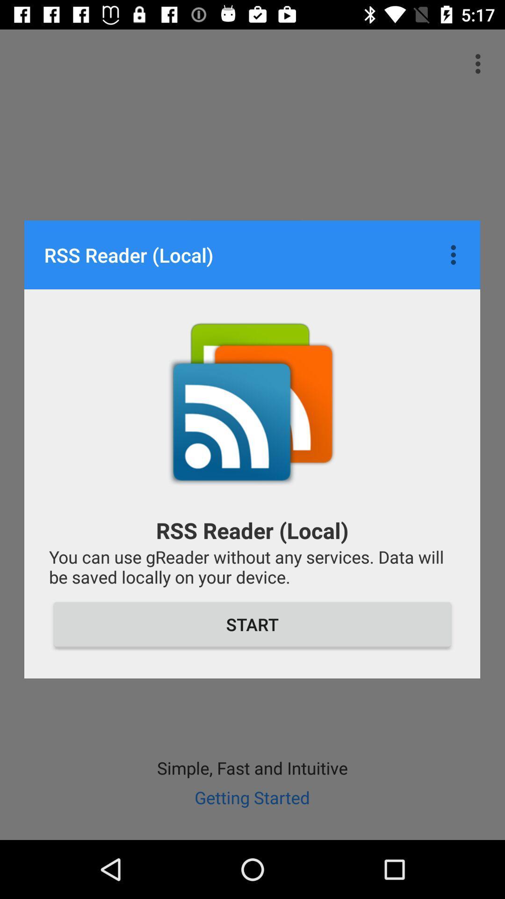 The image size is (505, 899). Describe the element at coordinates (252, 624) in the screenshot. I see `the icon at the bottom` at that location.